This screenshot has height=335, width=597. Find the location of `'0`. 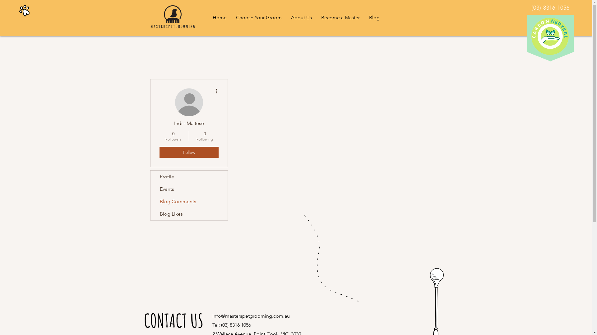

'0 is located at coordinates (205, 136).